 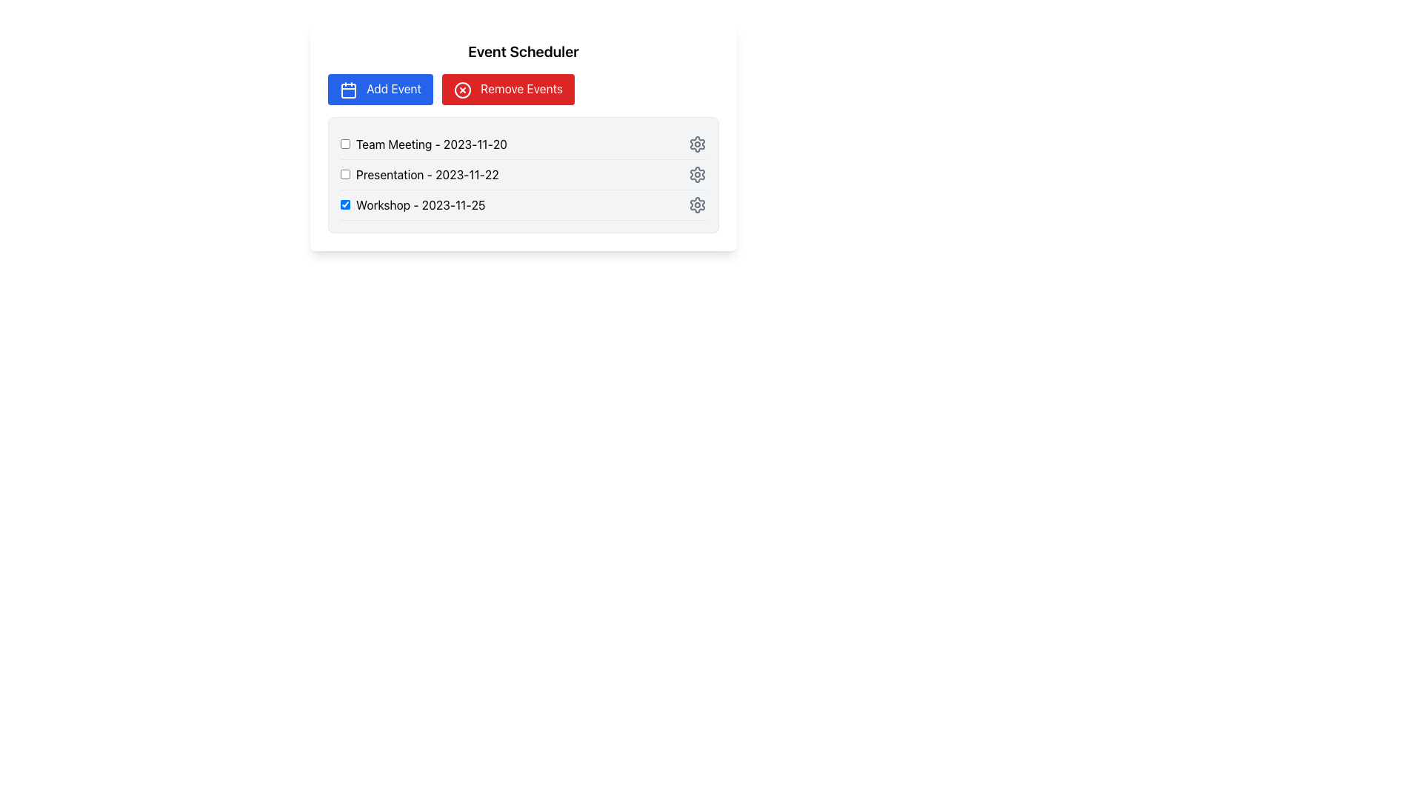 I want to click on the event entry labeled 'Workshop - 2023-11-25', so click(x=523, y=205).